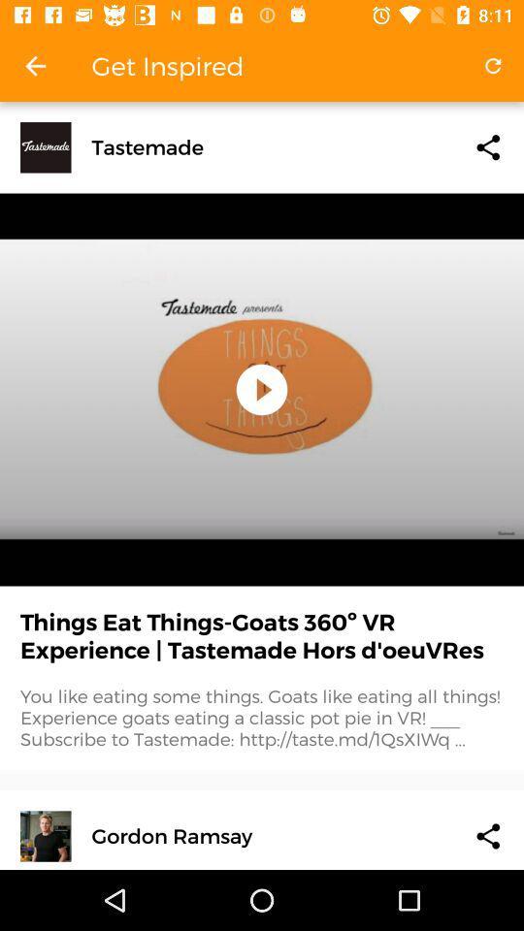 The height and width of the screenshot is (931, 524). I want to click on item above tastemade, so click(493, 66).